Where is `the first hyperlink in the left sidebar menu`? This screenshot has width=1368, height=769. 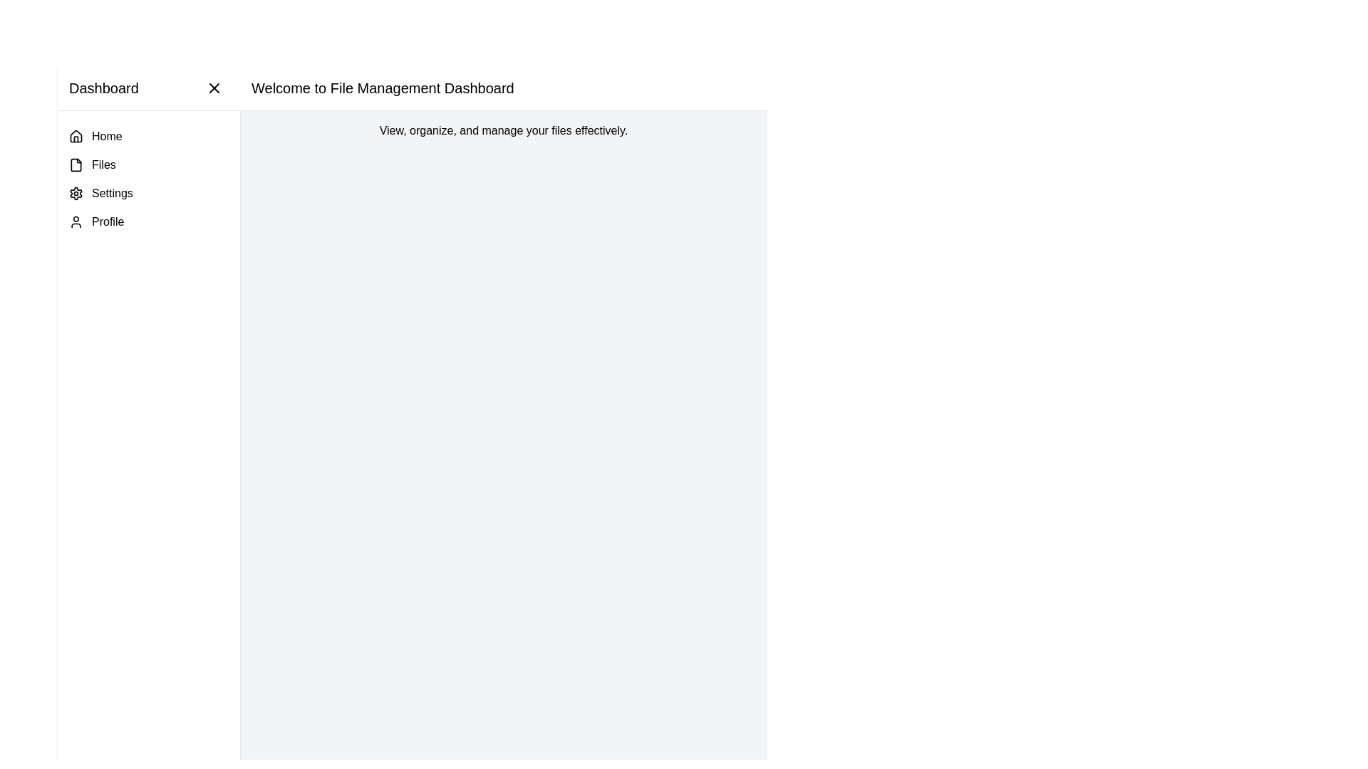 the first hyperlink in the left sidebar menu is located at coordinates (149, 137).